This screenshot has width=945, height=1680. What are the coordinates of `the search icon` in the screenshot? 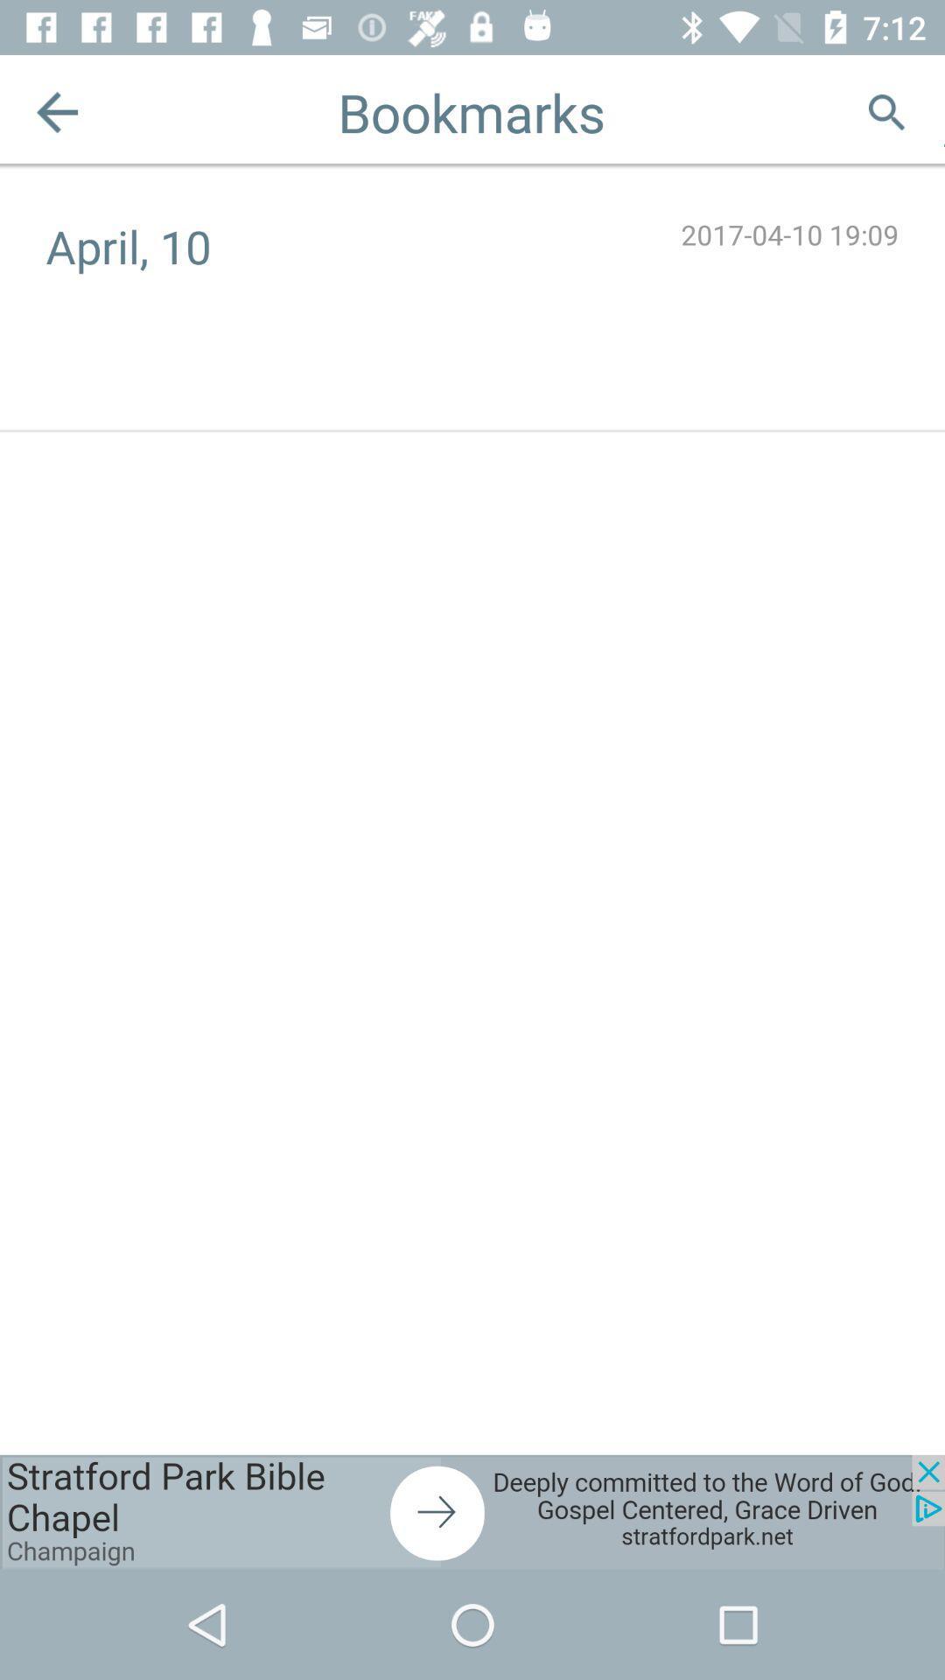 It's located at (886, 111).